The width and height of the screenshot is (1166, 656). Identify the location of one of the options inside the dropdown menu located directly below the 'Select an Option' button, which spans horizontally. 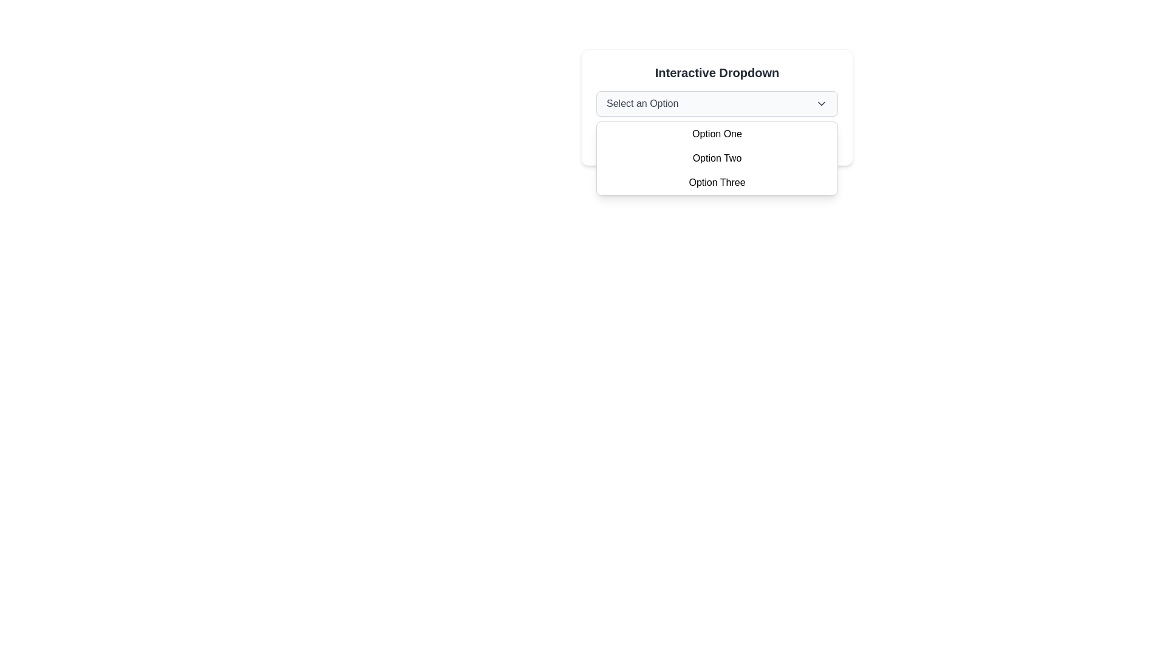
(717, 158).